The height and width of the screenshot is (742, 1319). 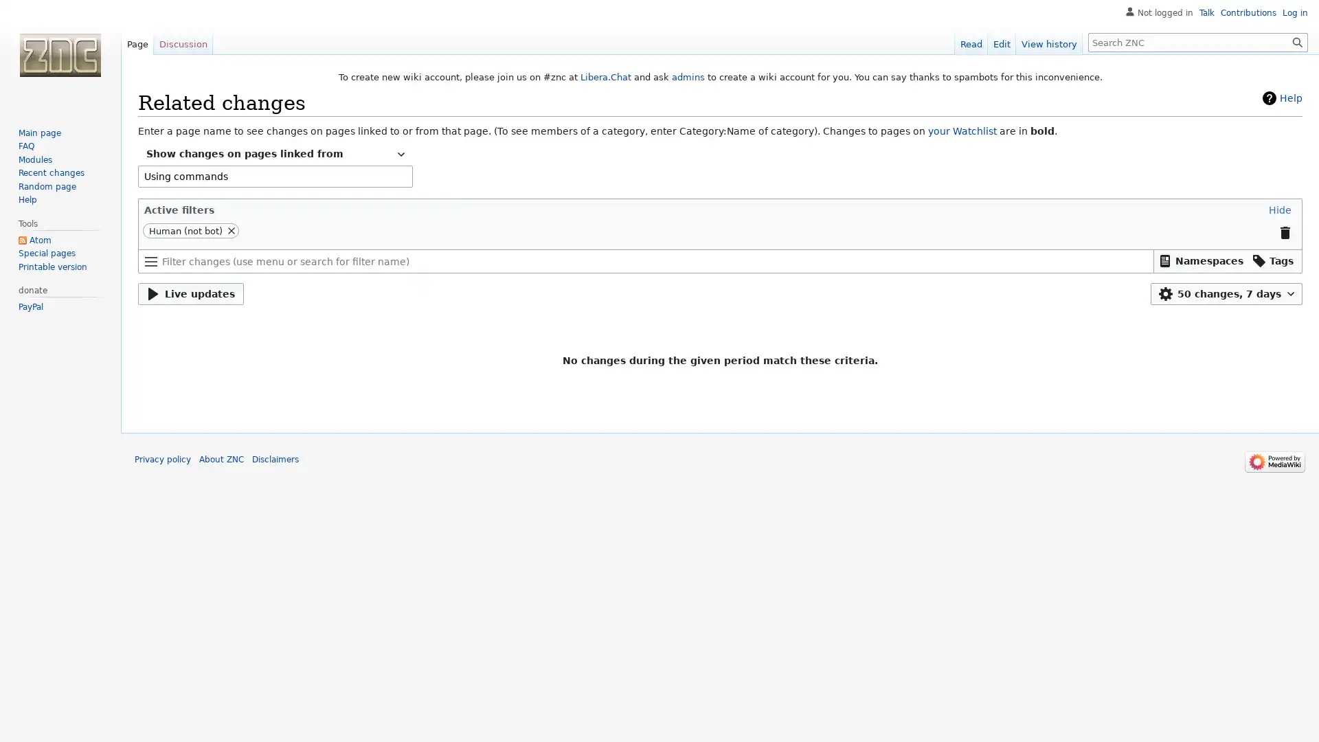 What do you see at coordinates (190, 293) in the screenshot?
I see `Live updates` at bounding box center [190, 293].